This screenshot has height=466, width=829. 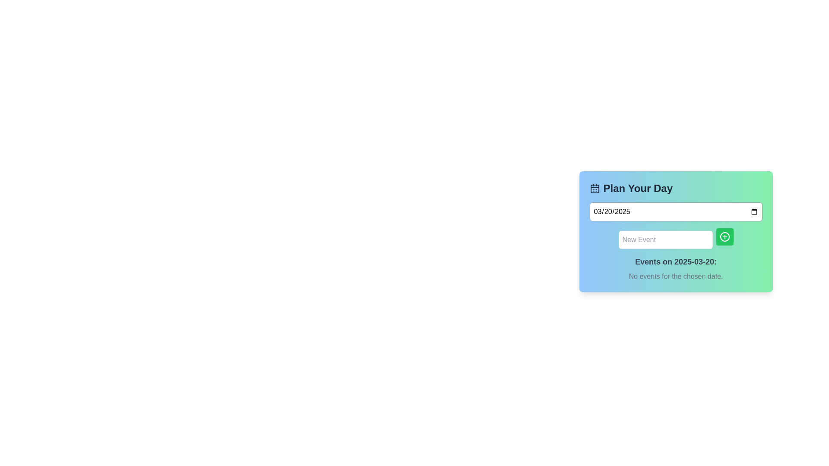 What do you see at coordinates (725, 236) in the screenshot?
I see `the icon within the green button that indicates the action of adding a new event, located to the right of the 'New Event' text input field in the 'Plan Your Day' card` at bounding box center [725, 236].